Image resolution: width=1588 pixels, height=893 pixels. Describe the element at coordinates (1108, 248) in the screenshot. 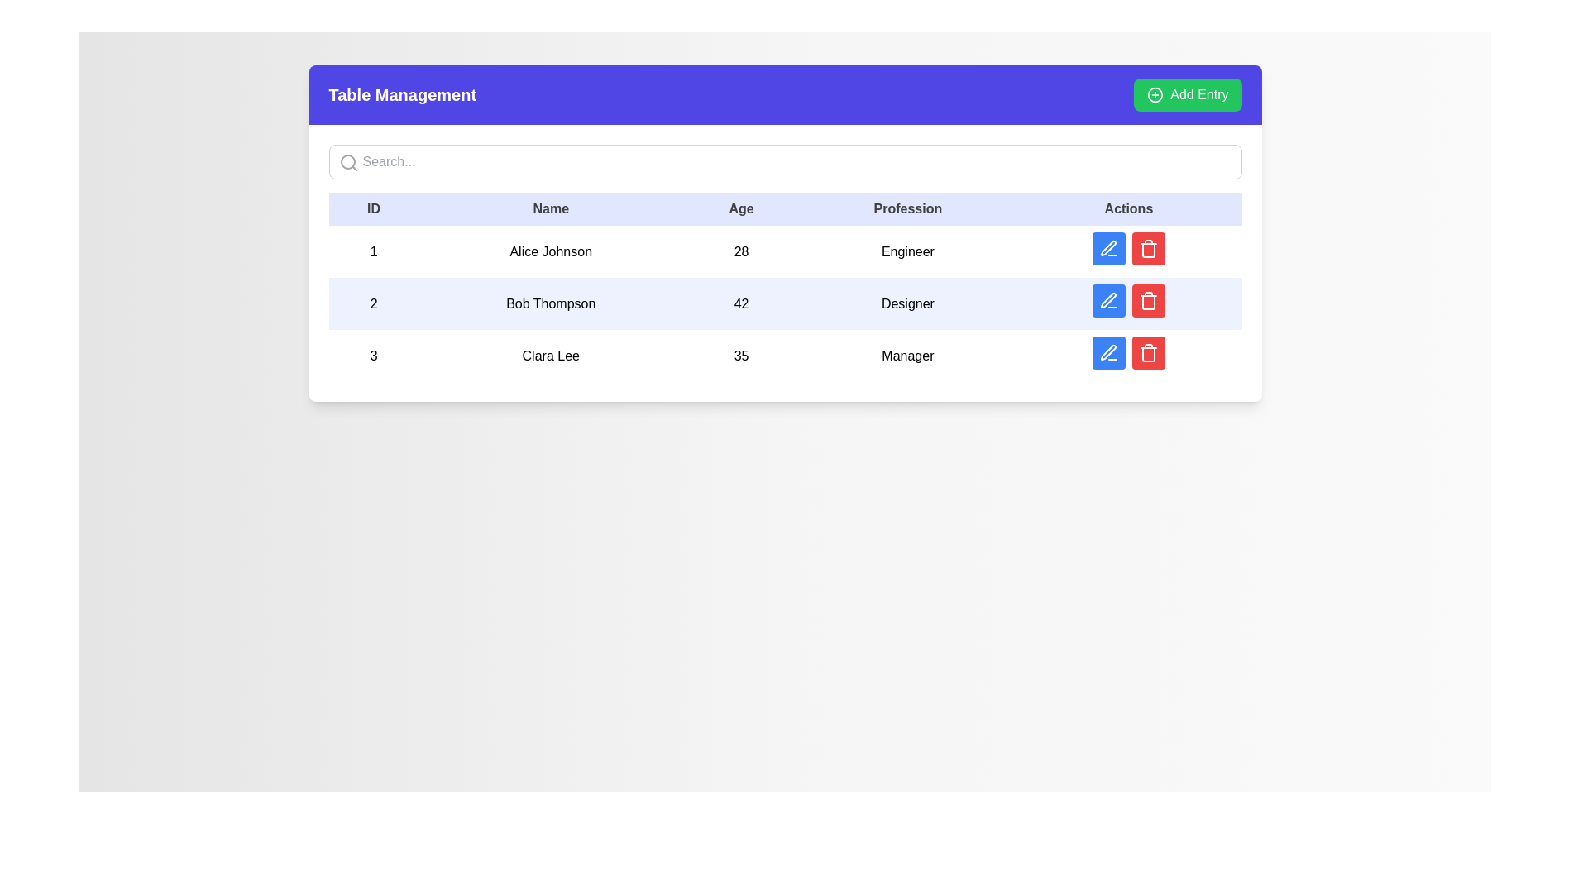

I see `the pen icon button in the 'Actions' column of the table for the entry labeled 'Bob Thompson' to initiate an action` at that location.